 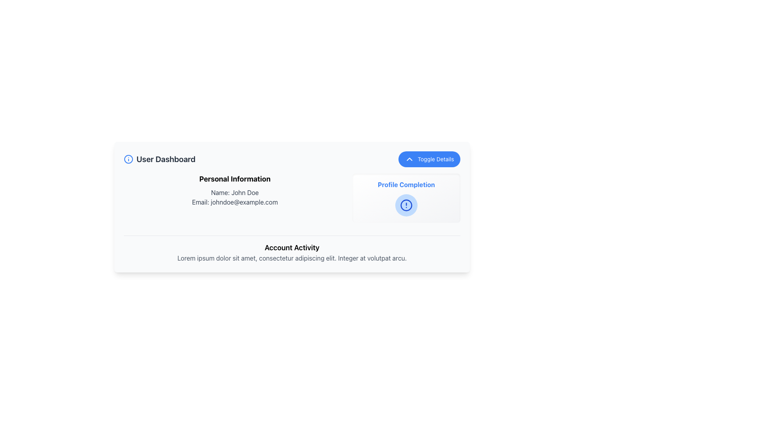 I want to click on text 'User Dashboard' displayed in a bold, large font next to a circular blue icon with an 'i', located near the top-left corner of the interface, so click(x=159, y=159).